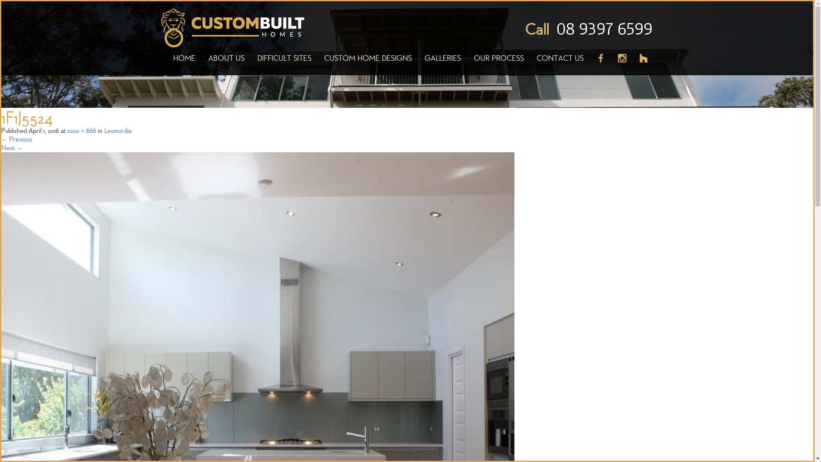 The width and height of the screenshot is (821, 462). I want to click on '08 9397 6599', so click(604, 29).